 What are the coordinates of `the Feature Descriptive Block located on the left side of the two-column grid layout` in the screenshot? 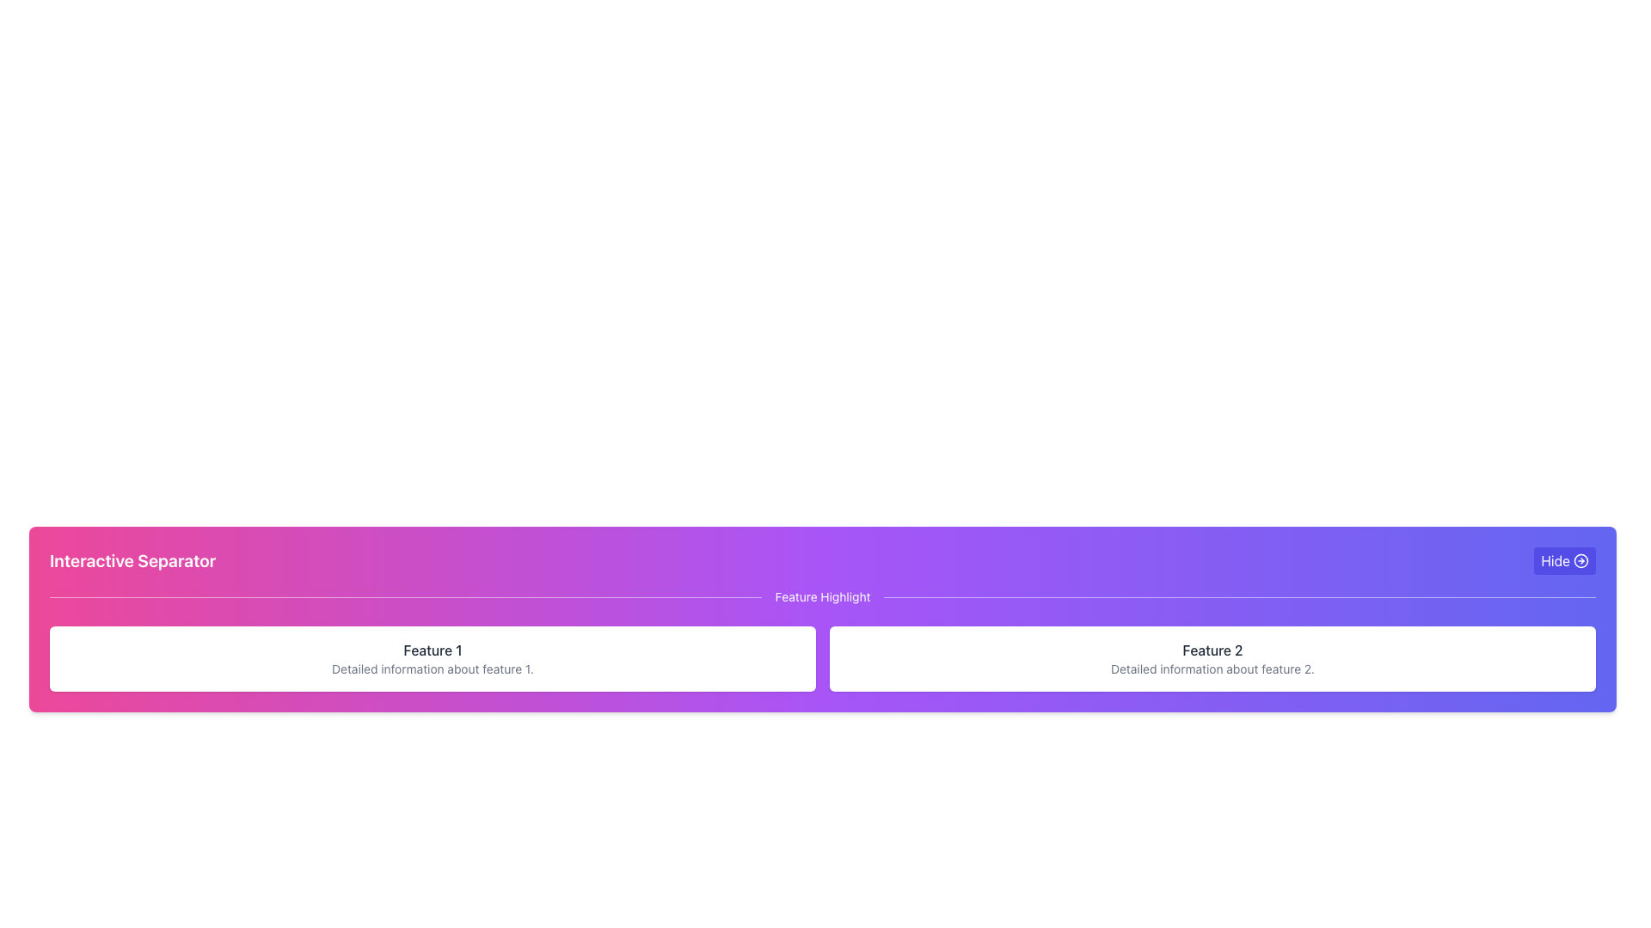 It's located at (433, 658).